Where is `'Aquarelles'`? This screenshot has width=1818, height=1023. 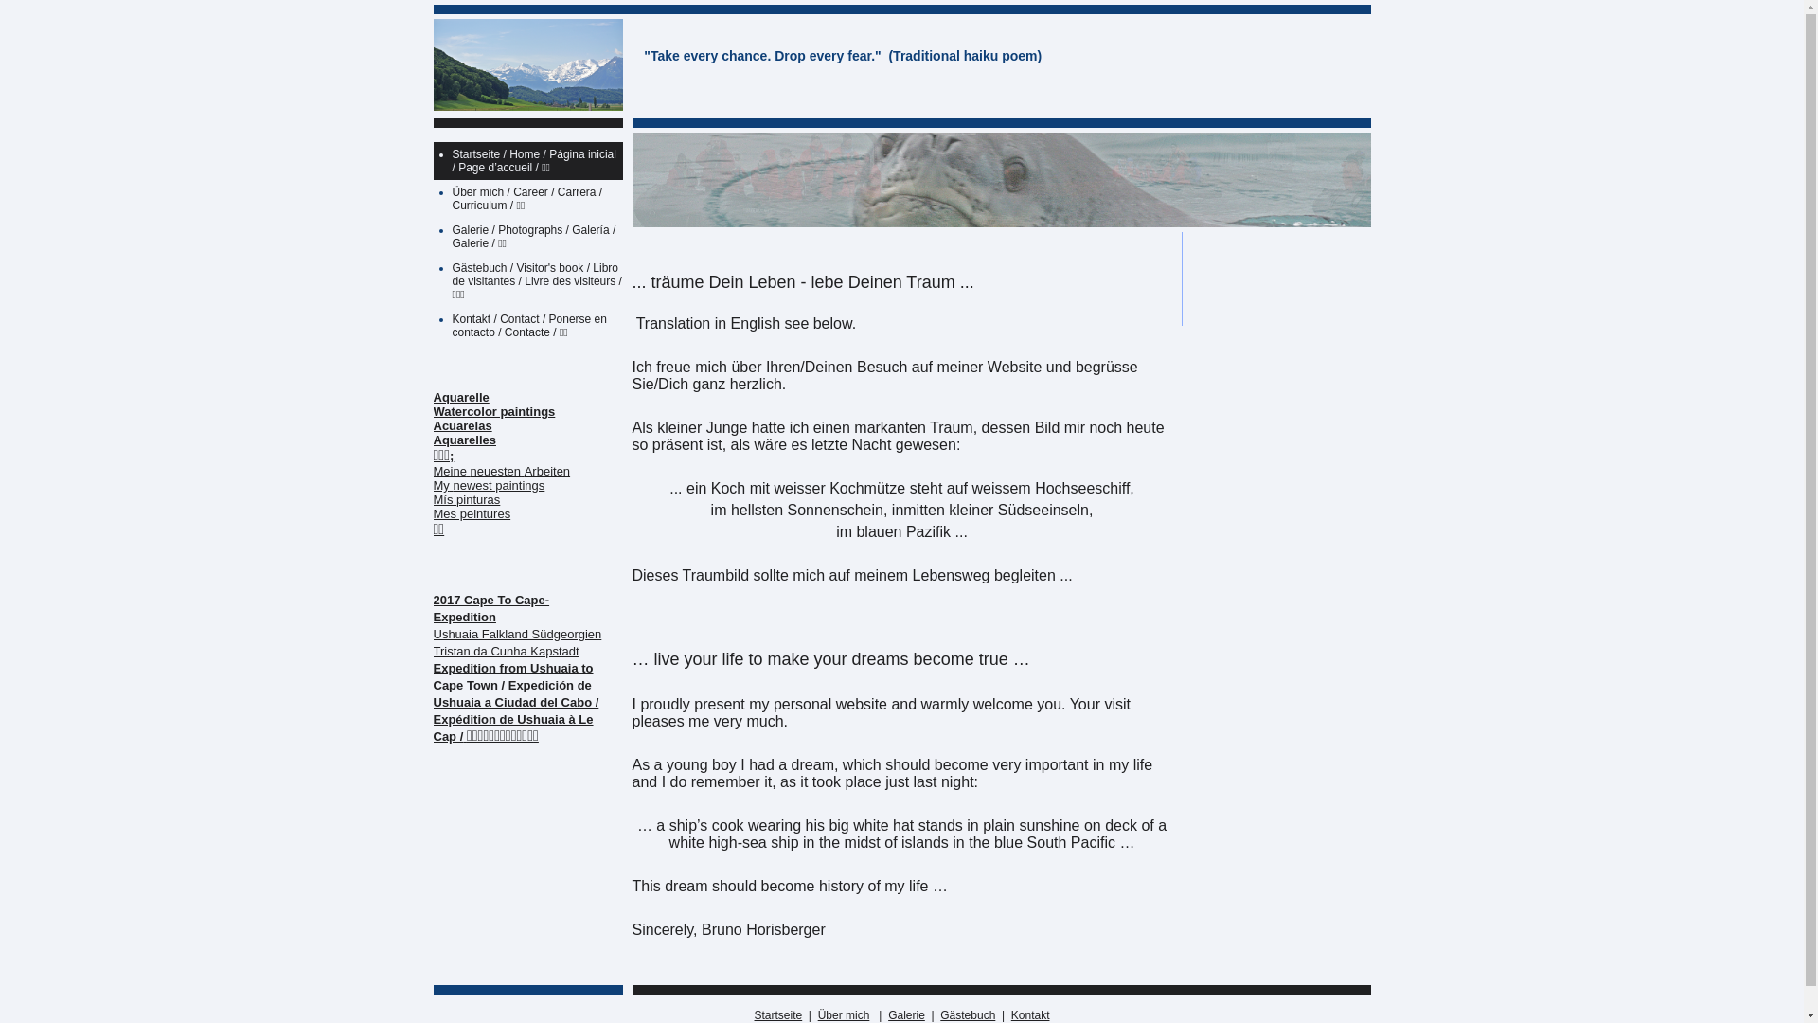
'Aquarelles' is located at coordinates (432, 440).